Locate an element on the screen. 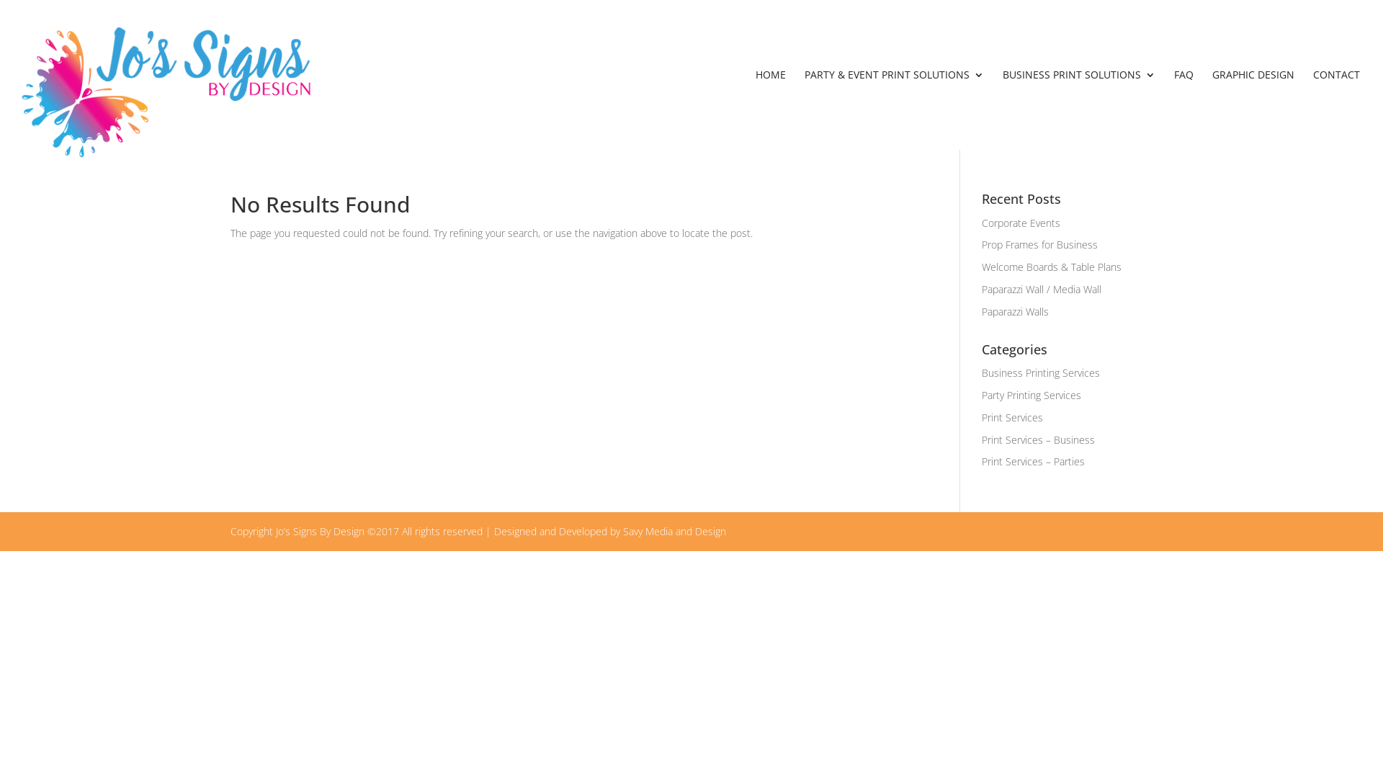 The height and width of the screenshot is (778, 1383). 'PARTY & EVENT PRINT SOLUTIONS' is located at coordinates (893, 109).